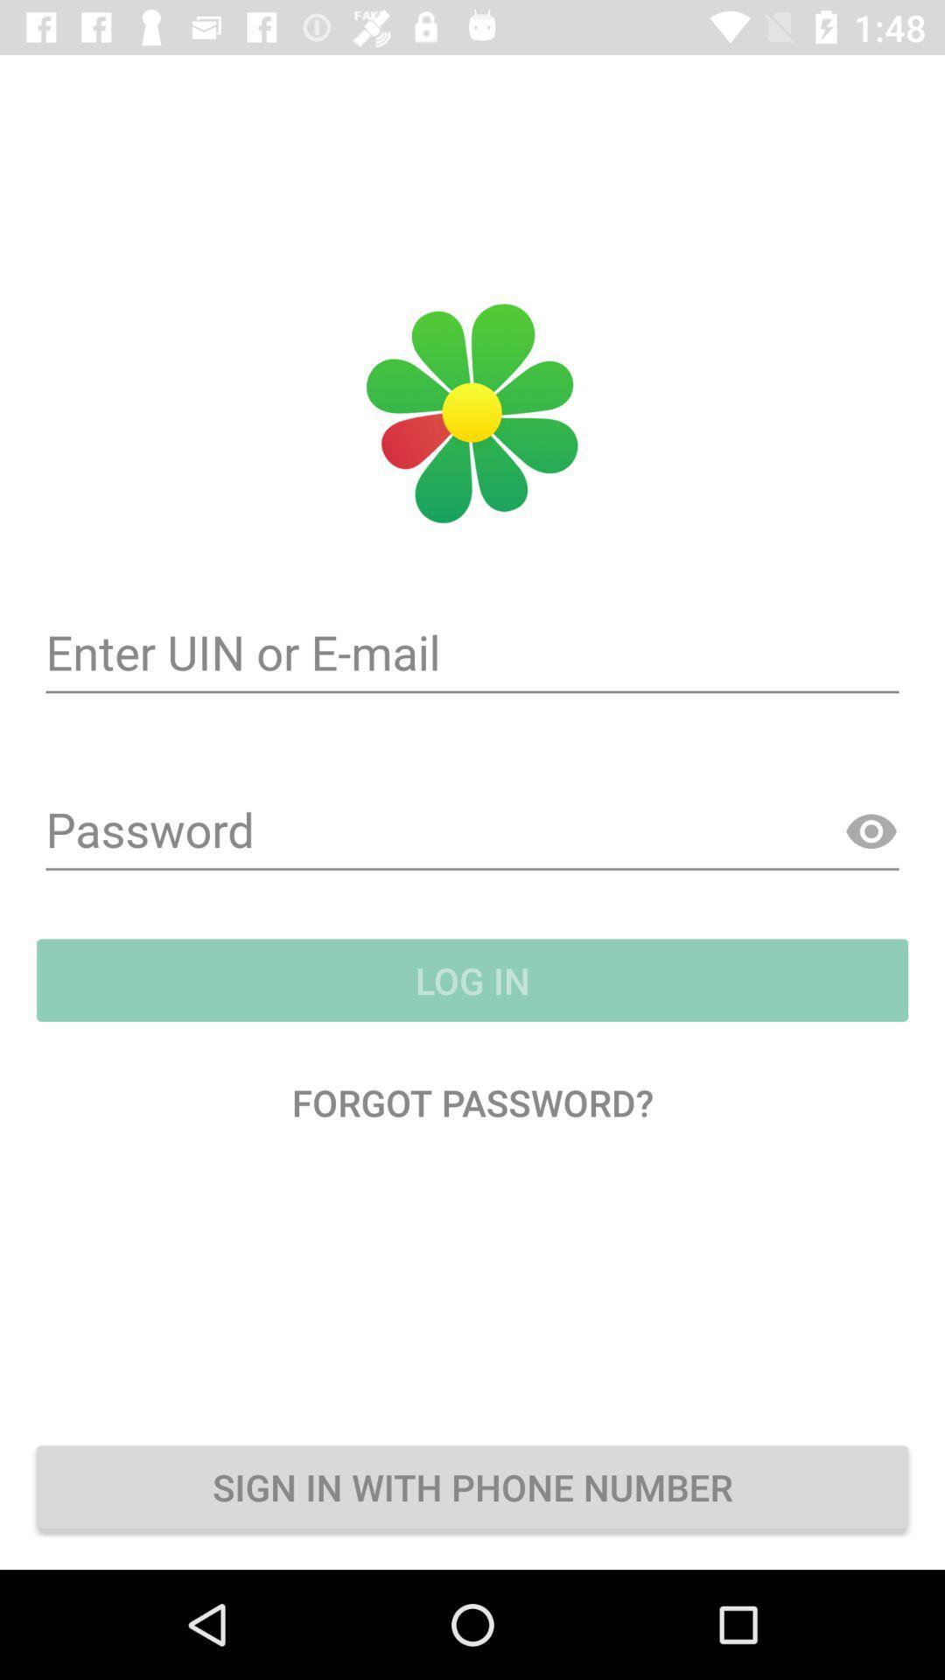 This screenshot has width=945, height=1680. Describe the element at coordinates (472, 1101) in the screenshot. I see `forgot password? icon` at that location.